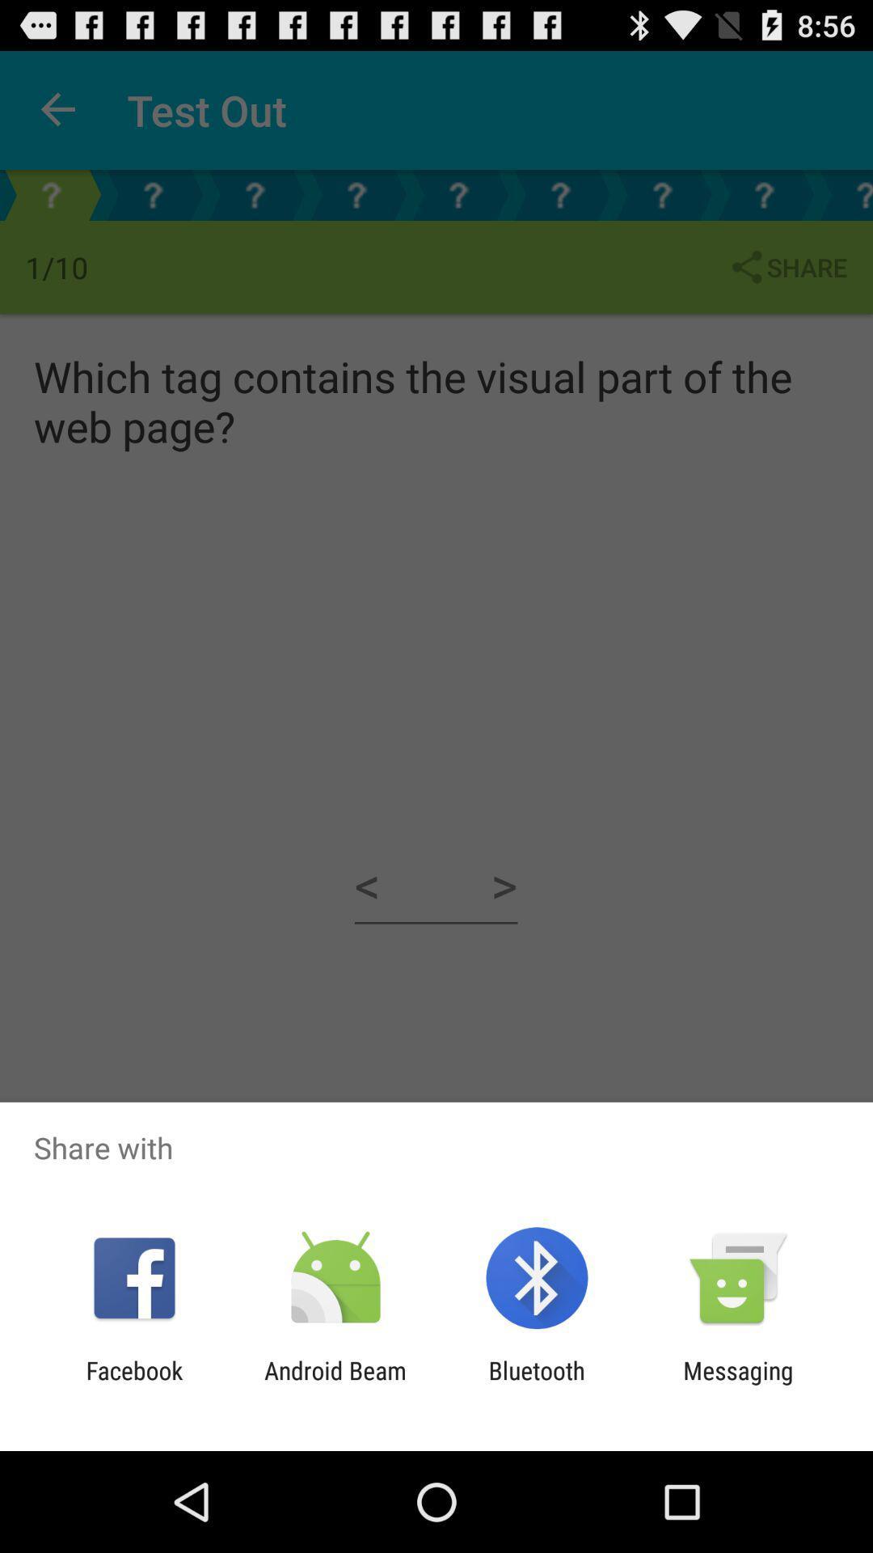 The width and height of the screenshot is (873, 1553). Describe the element at coordinates (537, 1384) in the screenshot. I see `the icon next to android beam app` at that location.